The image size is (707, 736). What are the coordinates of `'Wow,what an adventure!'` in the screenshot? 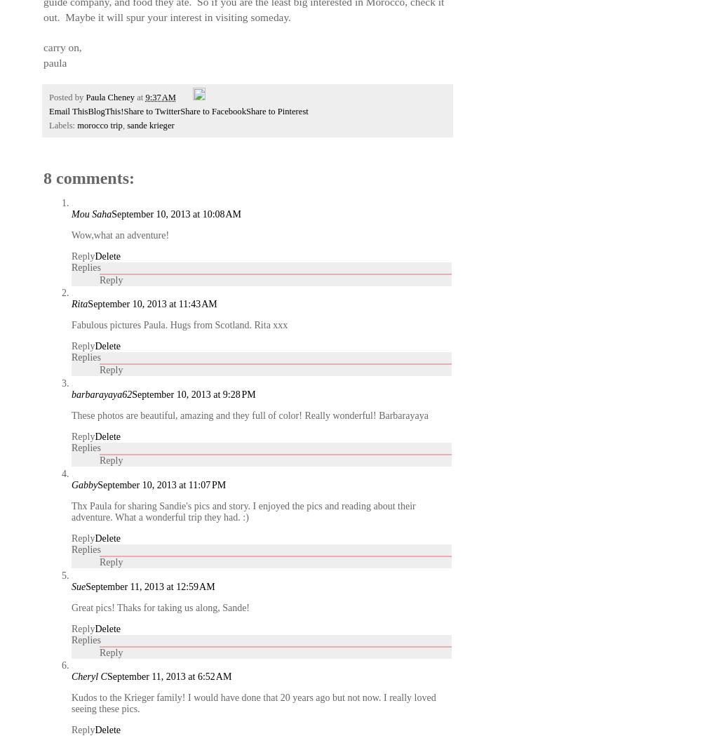 It's located at (120, 234).